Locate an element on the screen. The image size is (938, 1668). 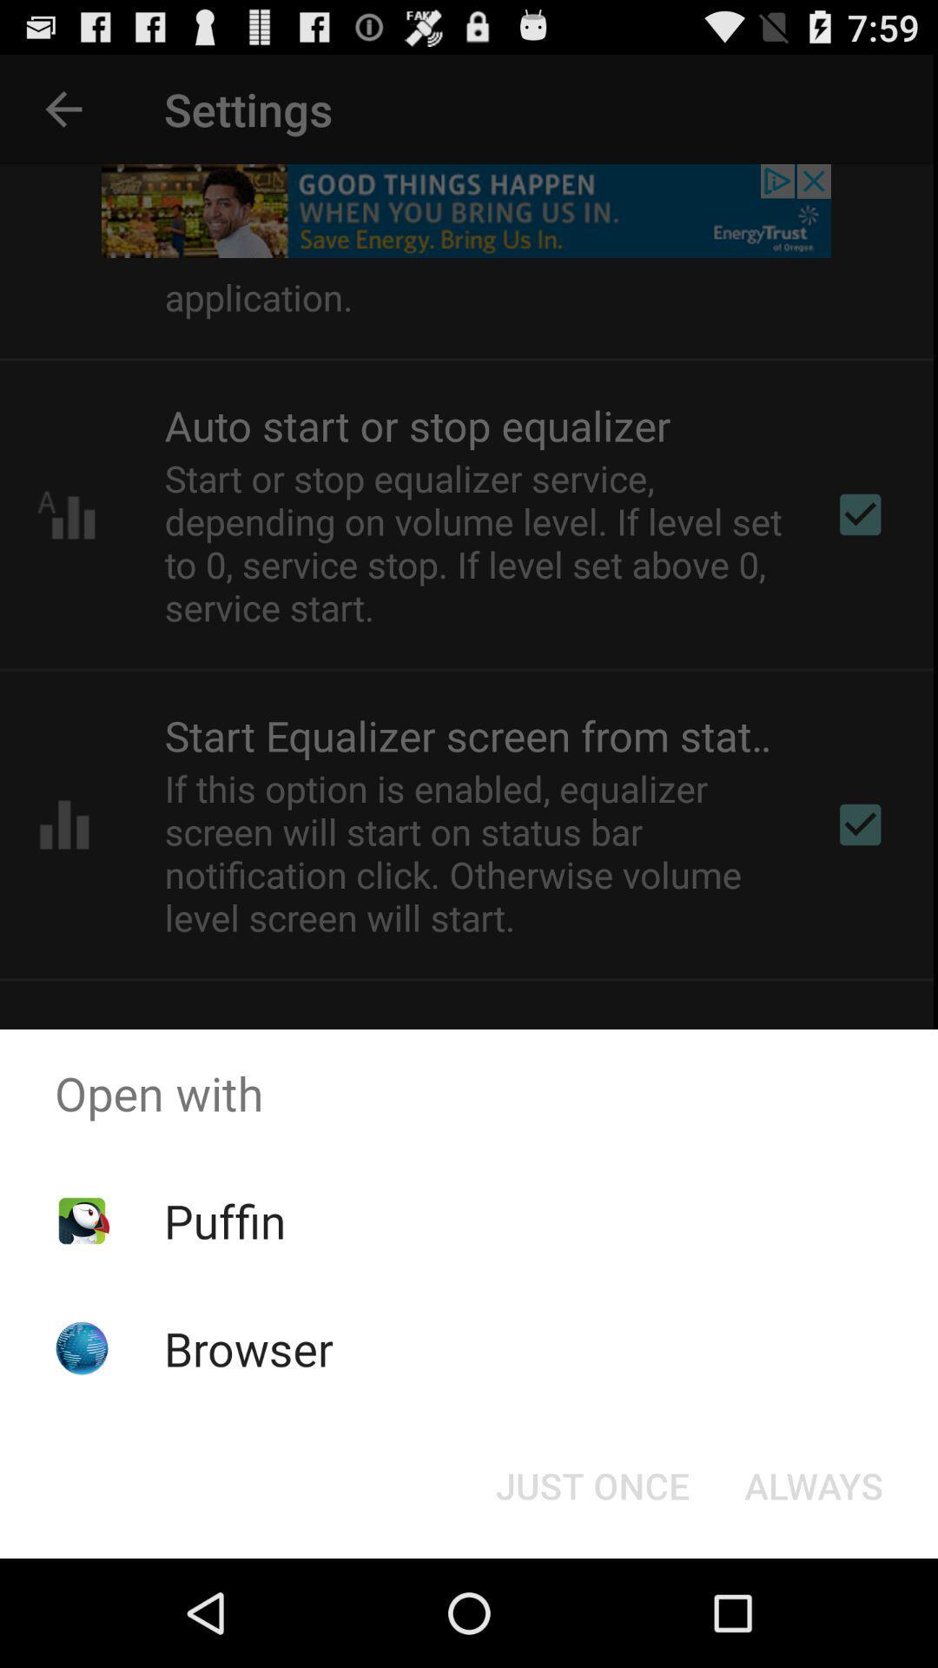
just once icon is located at coordinates (591, 1484).